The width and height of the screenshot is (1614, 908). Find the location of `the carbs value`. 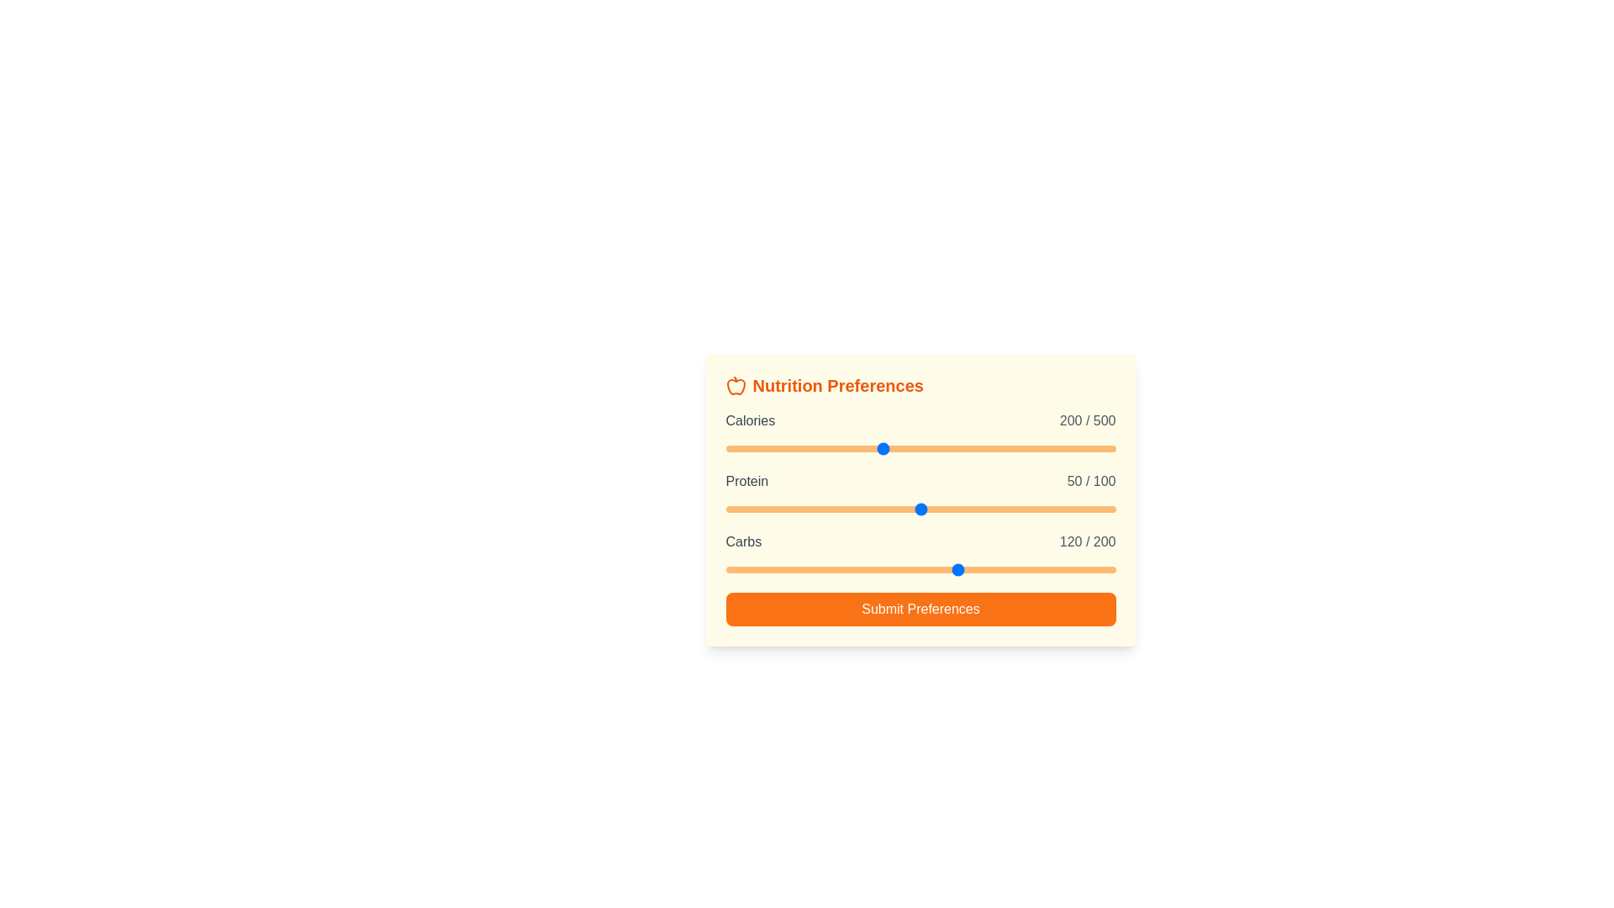

the carbs value is located at coordinates (868, 569).